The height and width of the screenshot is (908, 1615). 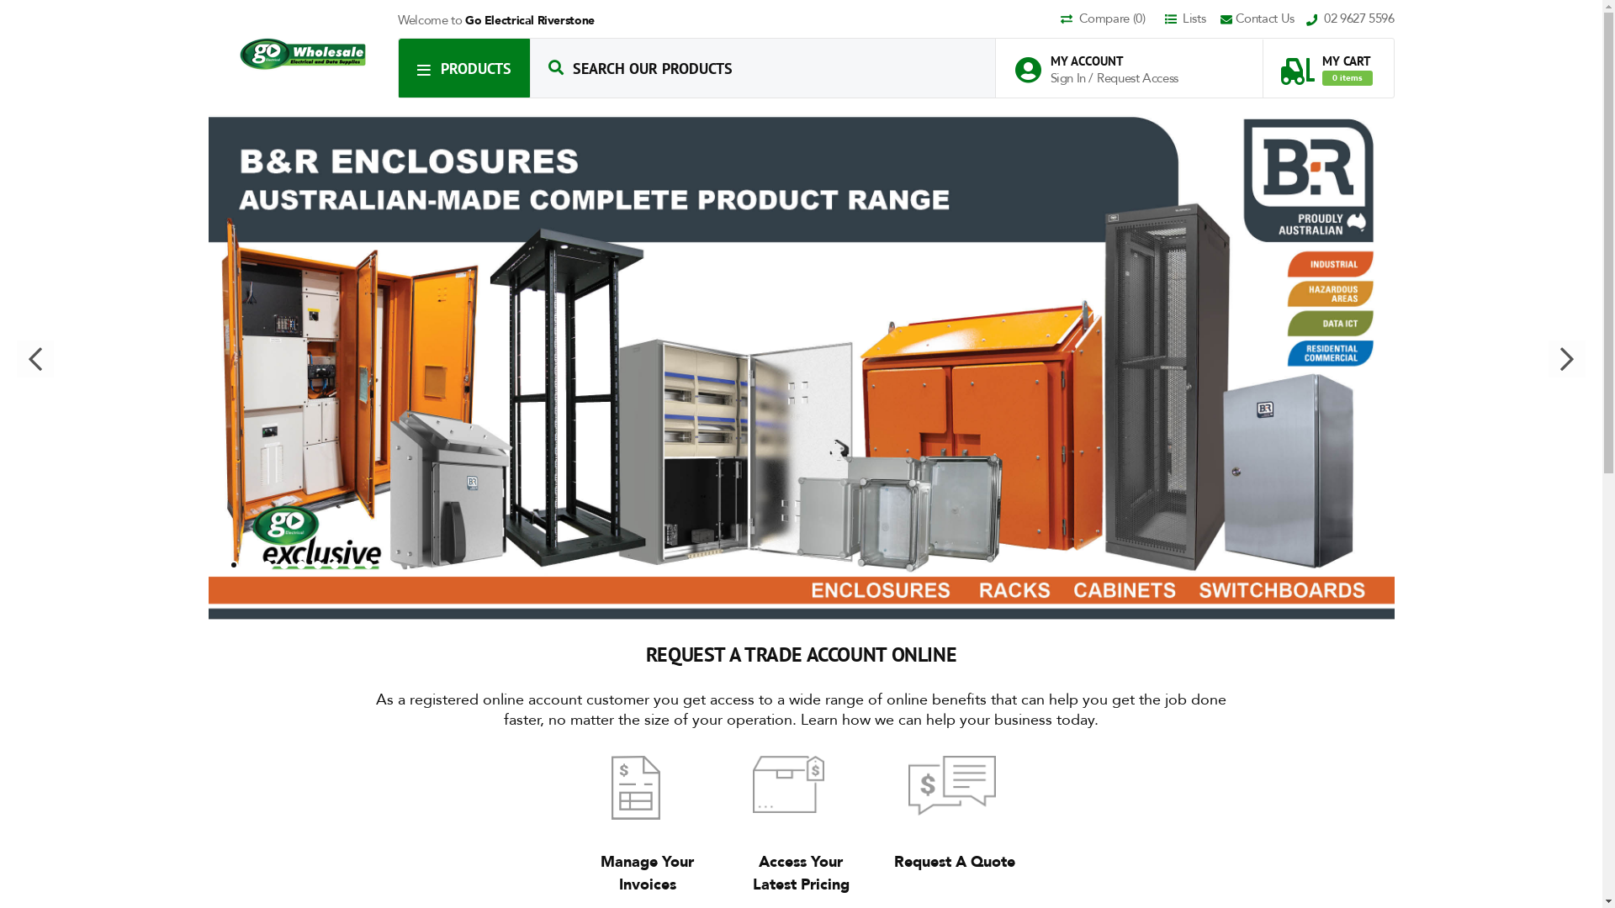 What do you see at coordinates (1565, 358) in the screenshot?
I see `'Next'` at bounding box center [1565, 358].